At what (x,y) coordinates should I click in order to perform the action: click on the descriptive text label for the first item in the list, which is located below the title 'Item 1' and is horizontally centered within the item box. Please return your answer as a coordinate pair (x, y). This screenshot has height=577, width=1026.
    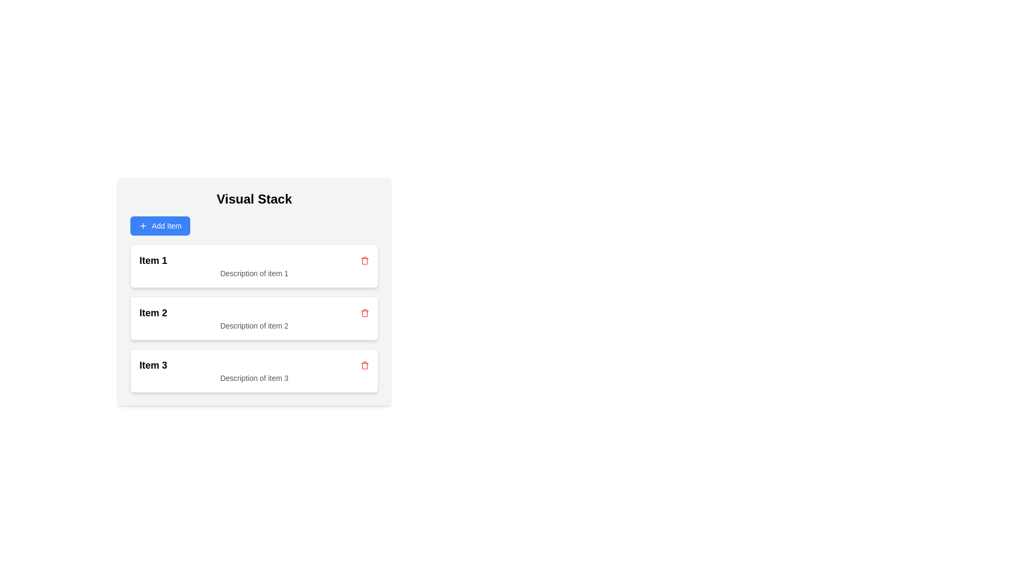
    Looking at the image, I should click on (253, 273).